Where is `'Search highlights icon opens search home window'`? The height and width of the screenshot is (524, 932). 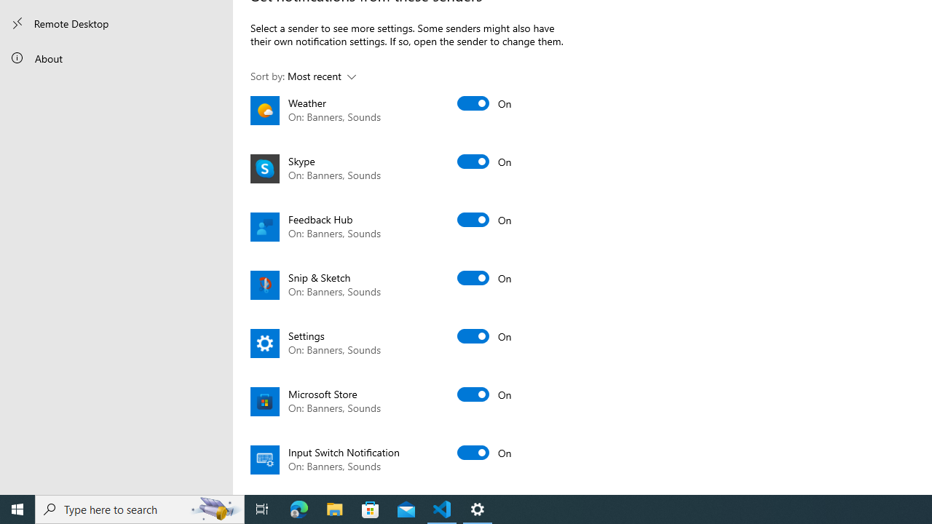
'Search highlights icon opens search home window' is located at coordinates (214, 508).